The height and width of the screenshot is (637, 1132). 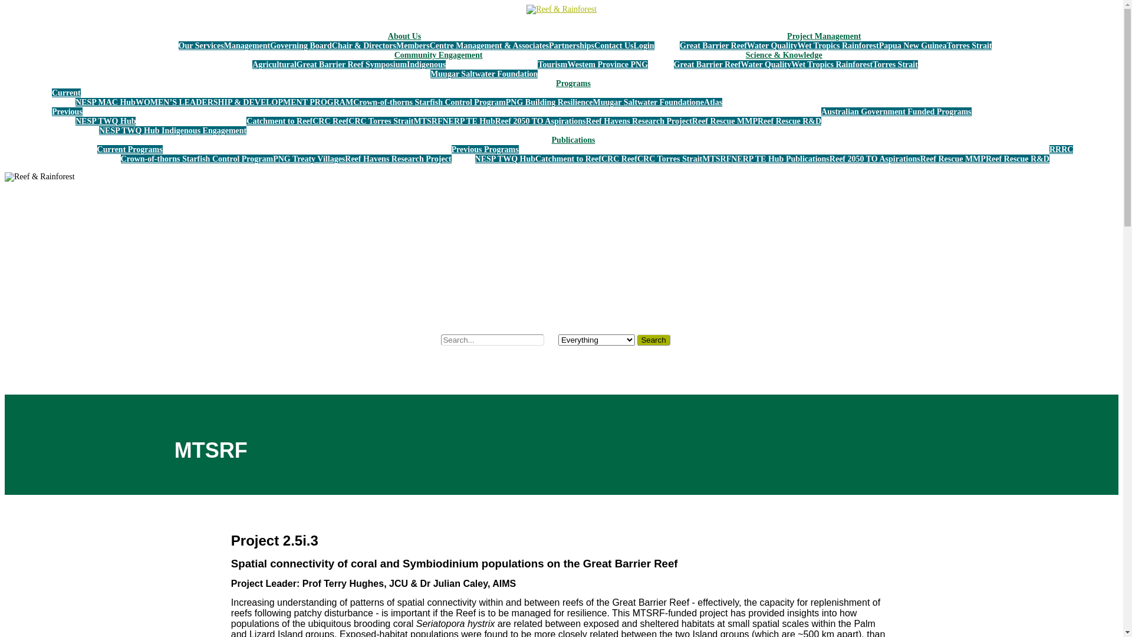 What do you see at coordinates (301, 45) in the screenshot?
I see `'Governing Board'` at bounding box center [301, 45].